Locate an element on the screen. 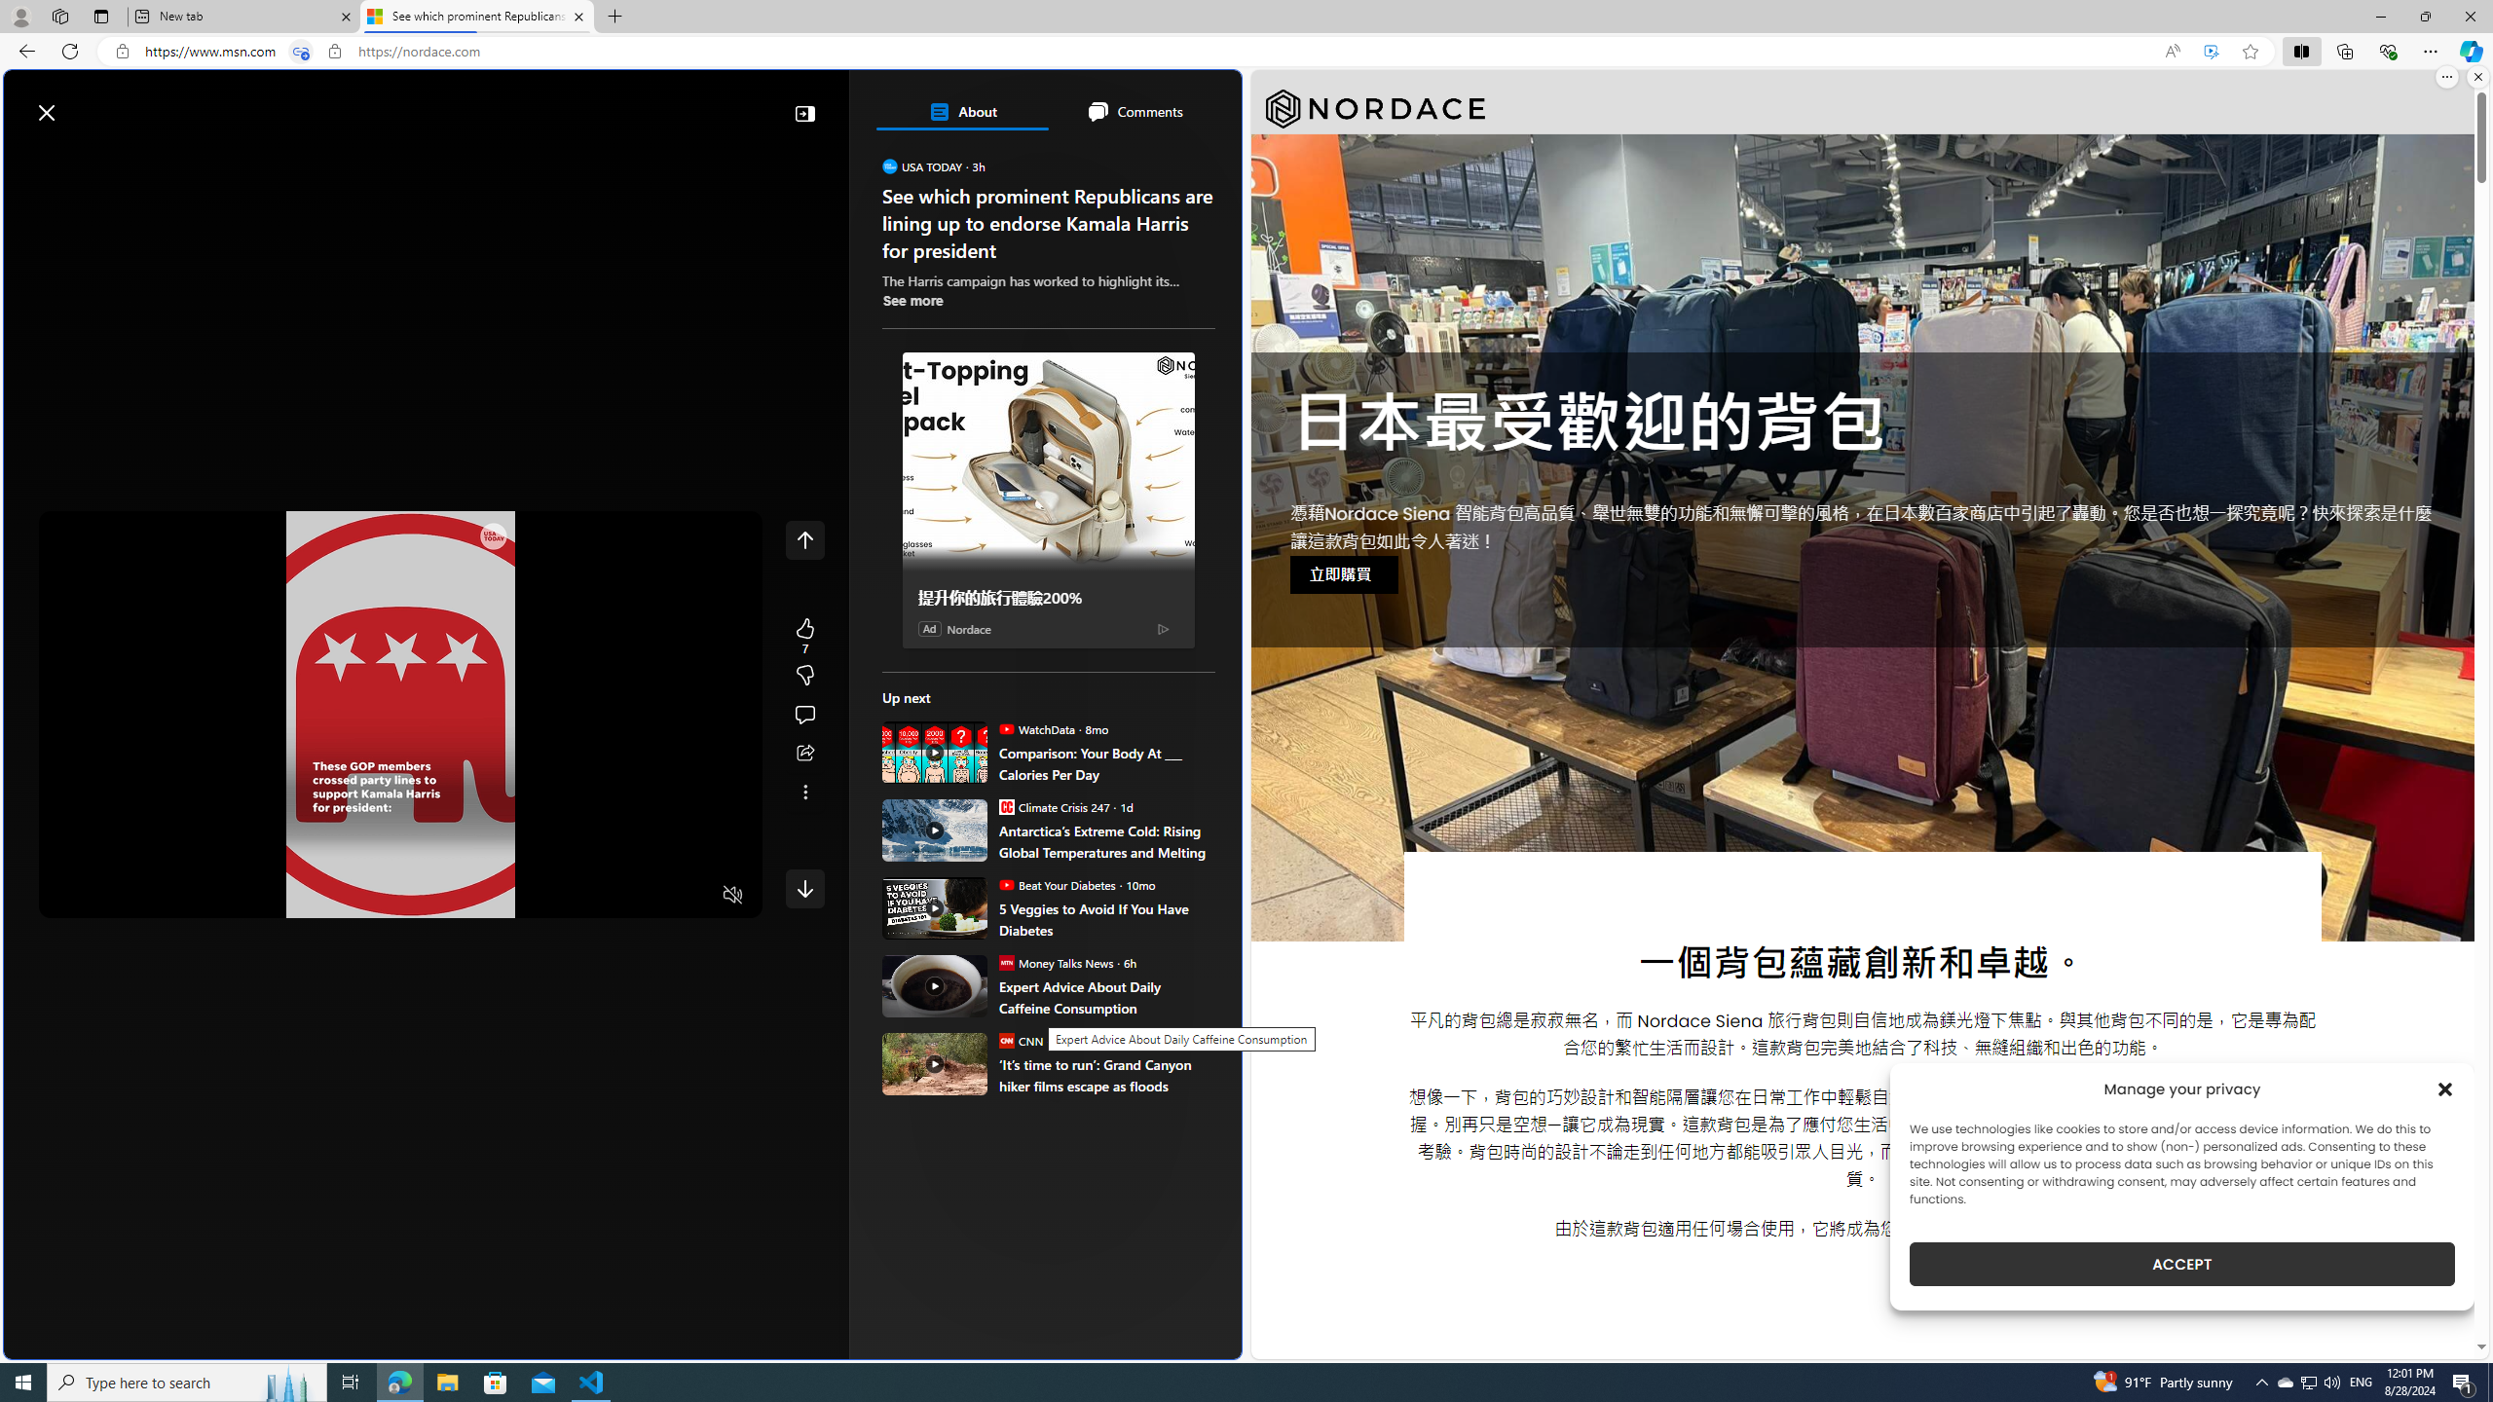  'Expert Advice About Daily Caffeine Consumption' is located at coordinates (1106, 996).